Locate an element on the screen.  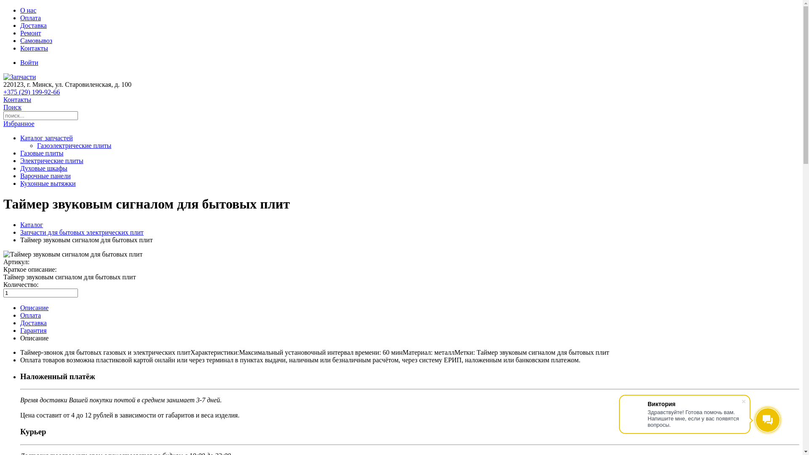
'+375 (29) 199-92-66' is located at coordinates (32, 92).